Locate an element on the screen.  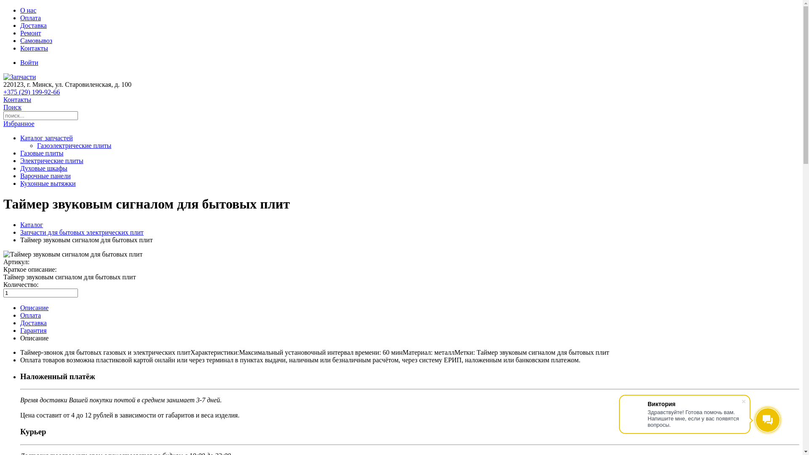
'+375 (29) 199-92-66' is located at coordinates (32, 92).